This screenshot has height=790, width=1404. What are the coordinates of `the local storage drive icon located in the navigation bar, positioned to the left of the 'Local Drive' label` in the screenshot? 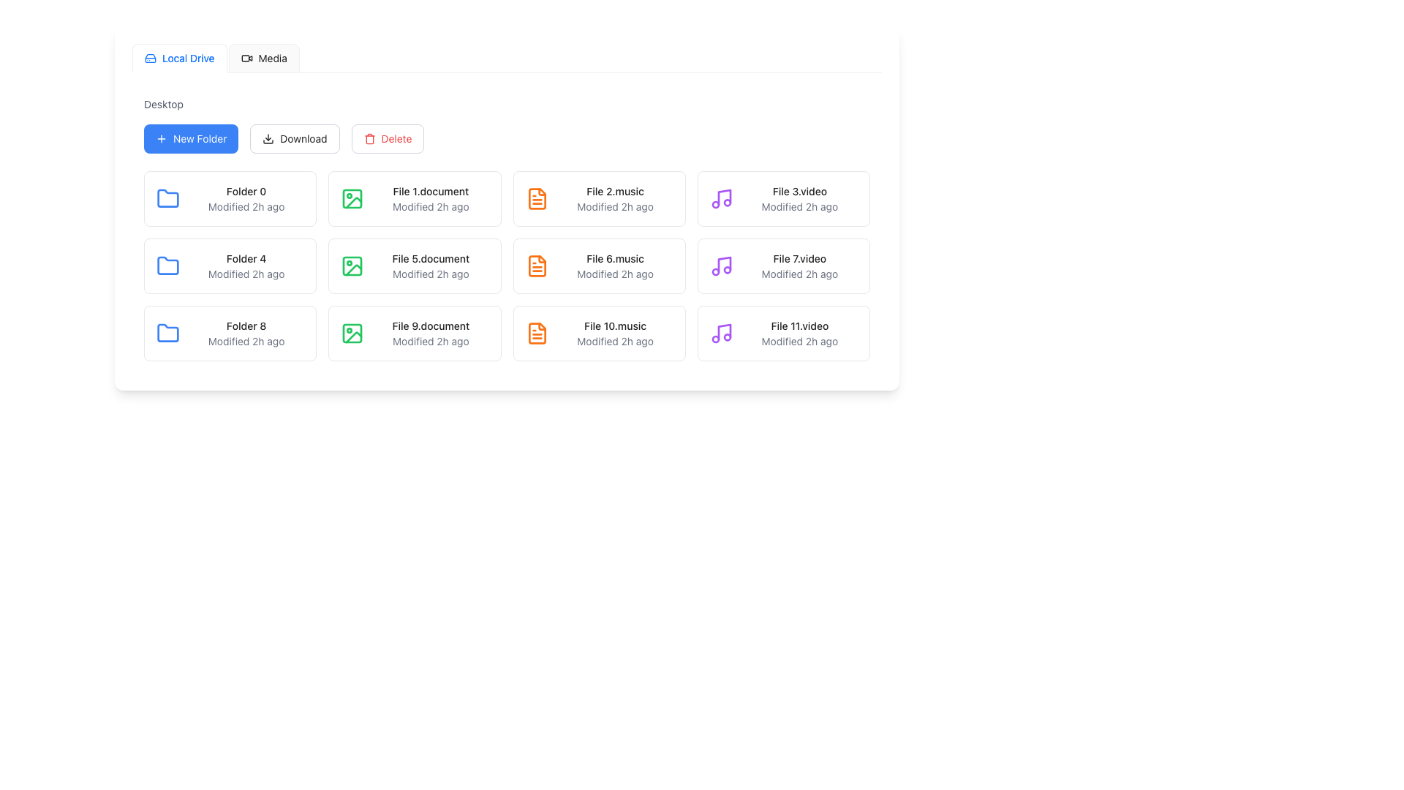 It's located at (151, 58).